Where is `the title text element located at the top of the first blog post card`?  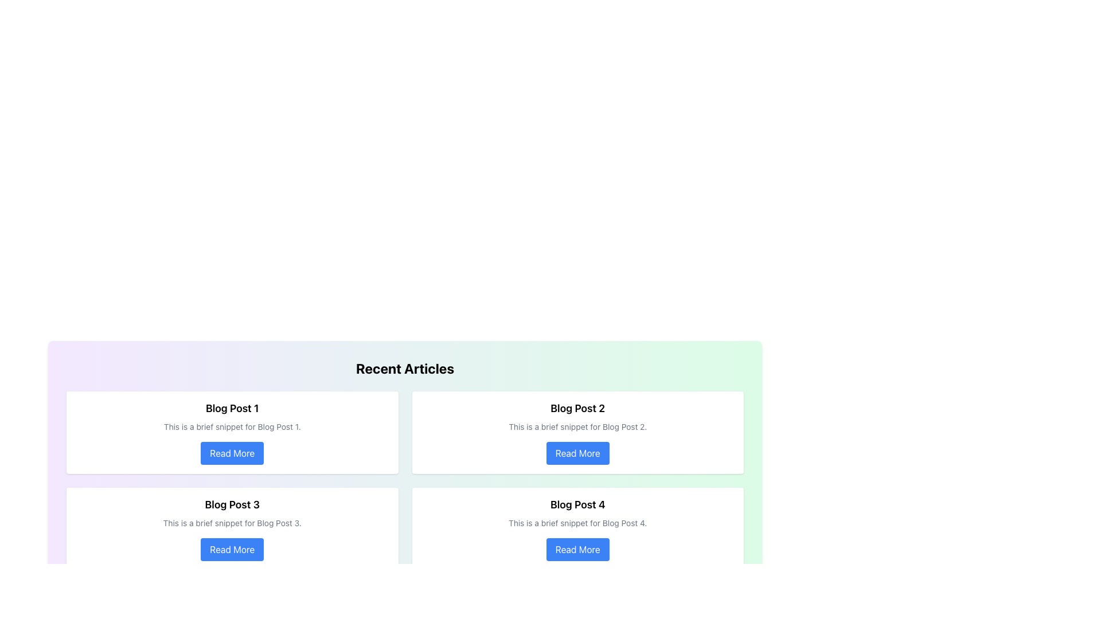
the title text element located at the top of the first blog post card is located at coordinates (232, 408).